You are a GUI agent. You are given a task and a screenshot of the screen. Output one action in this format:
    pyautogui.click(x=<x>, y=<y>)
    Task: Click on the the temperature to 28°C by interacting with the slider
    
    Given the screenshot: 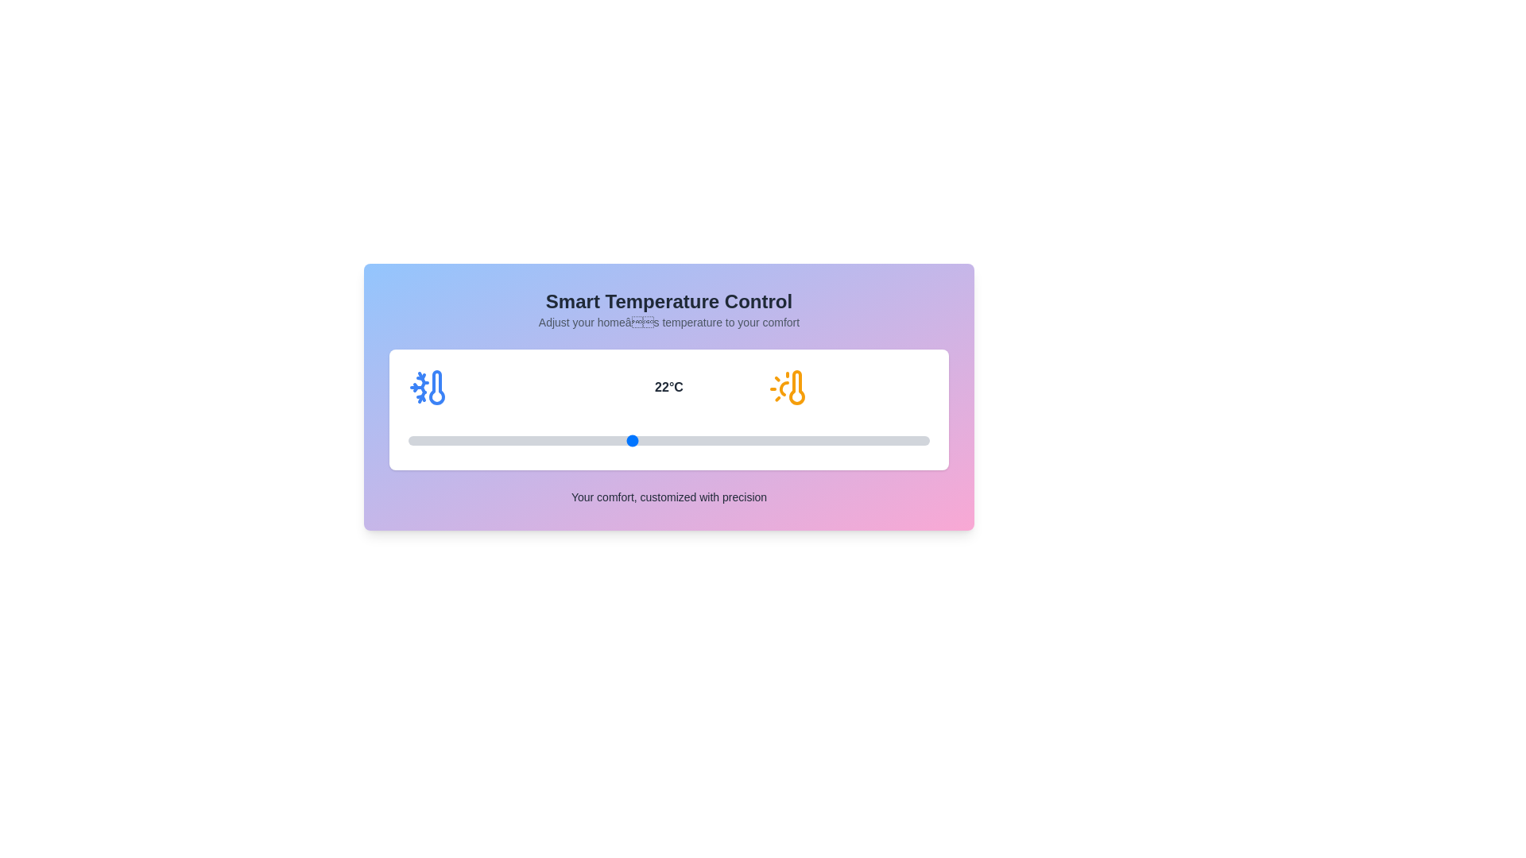 What is the action you would take?
    pyautogui.click(x=854, y=441)
    